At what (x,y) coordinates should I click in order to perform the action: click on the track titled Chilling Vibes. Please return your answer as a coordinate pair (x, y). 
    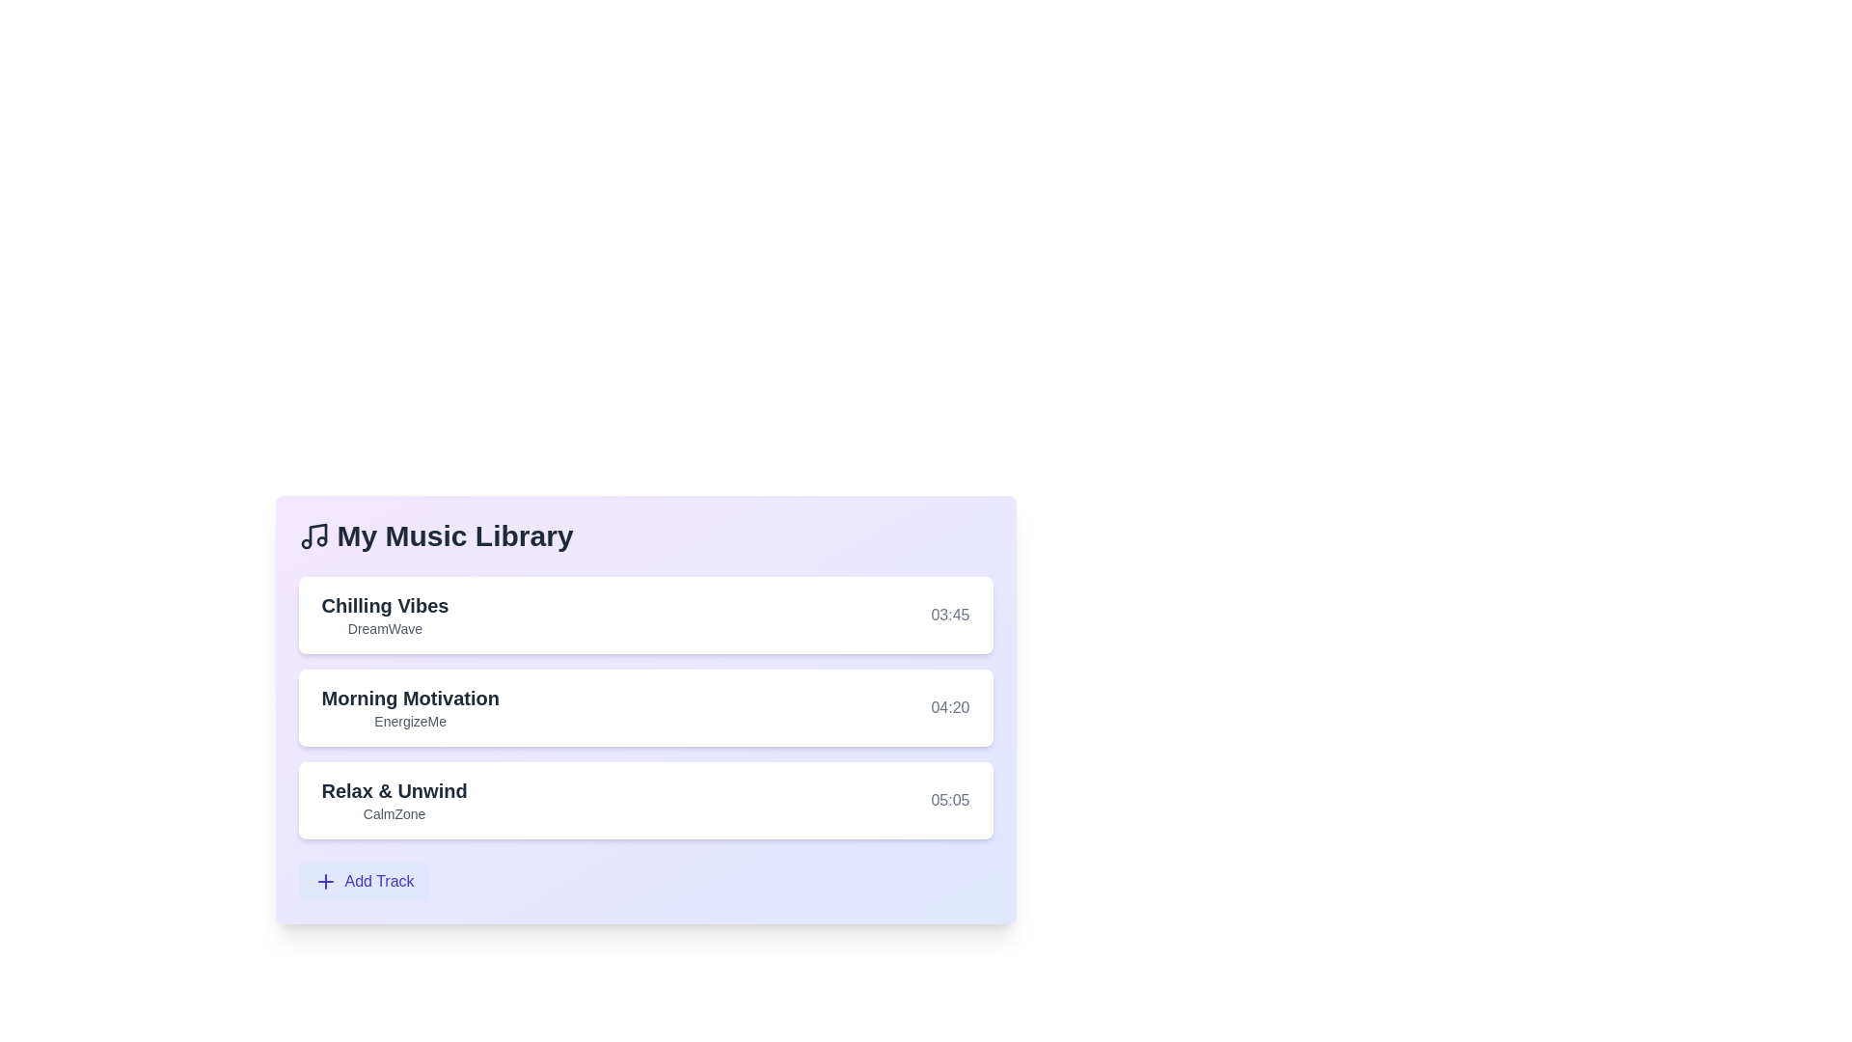
    Looking at the image, I should click on (385, 605).